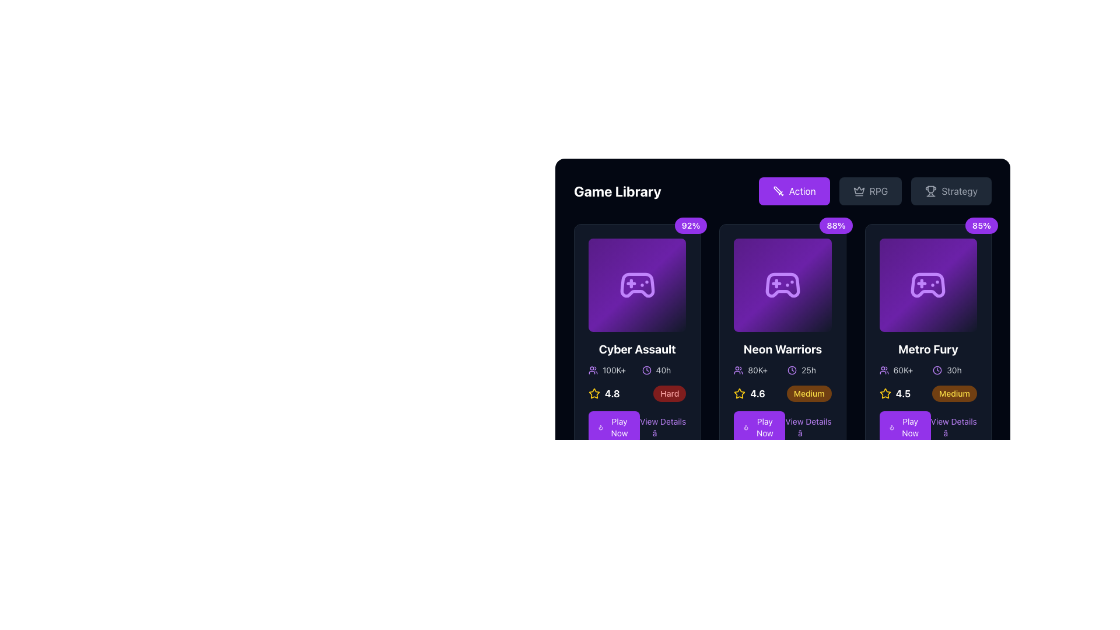 Image resolution: width=1120 pixels, height=630 pixels. Describe the element at coordinates (739, 394) in the screenshot. I see `the star icon representing the rating for the 'Neon Warriors' game, which has a yellow border and a hollow center` at that location.